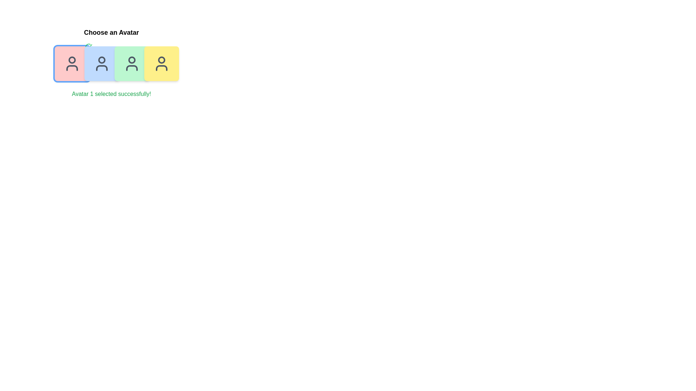  What do you see at coordinates (72, 59) in the screenshot?
I see `the small circular shape located at the top-center of the user icon within the first colored card from the left among a row of four cards` at bounding box center [72, 59].